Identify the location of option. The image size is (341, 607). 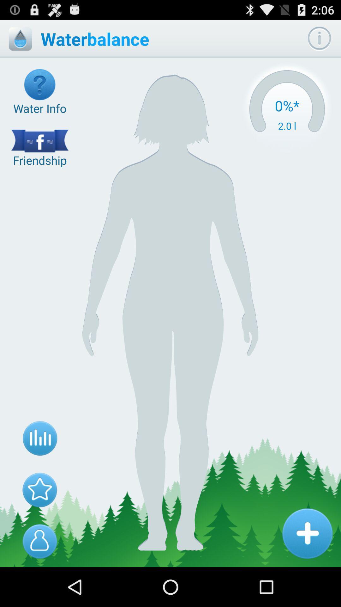
(40, 489).